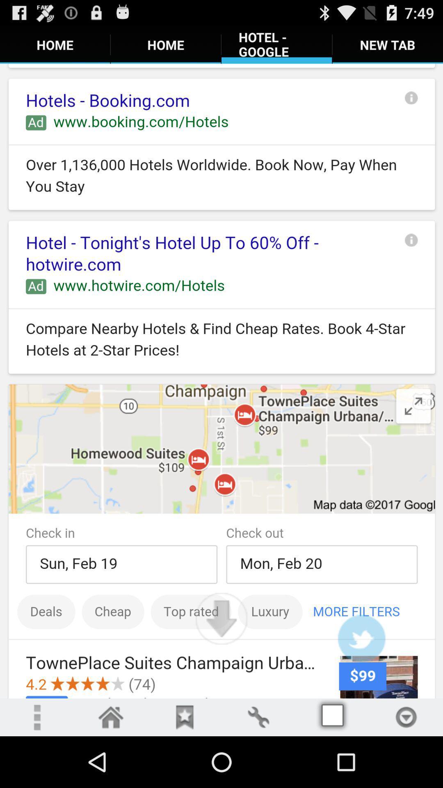 The image size is (443, 788). What do you see at coordinates (36, 717) in the screenshot?
I see `open more settings` at bounding box center [36, 717].